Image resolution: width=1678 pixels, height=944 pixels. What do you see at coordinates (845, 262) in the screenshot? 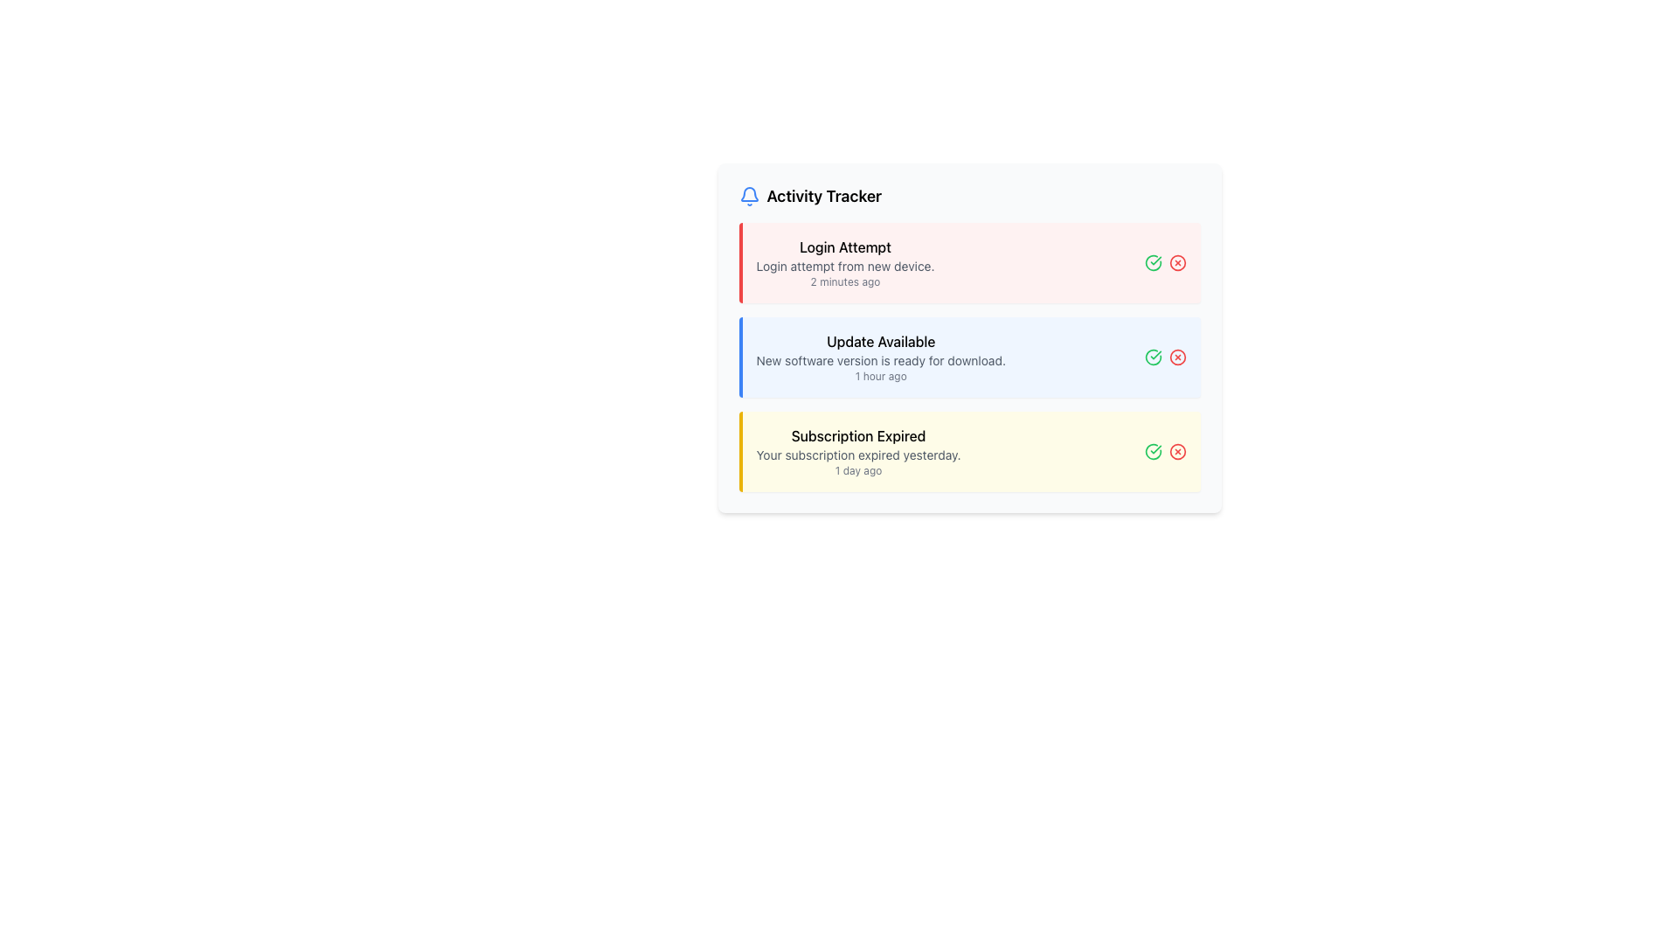
I see `the Notification Card that informs the user about a login attempt from a new device, which is the first notification in the list of three visible notifications located at the top of the notification list` at bounding box center [845, 262].